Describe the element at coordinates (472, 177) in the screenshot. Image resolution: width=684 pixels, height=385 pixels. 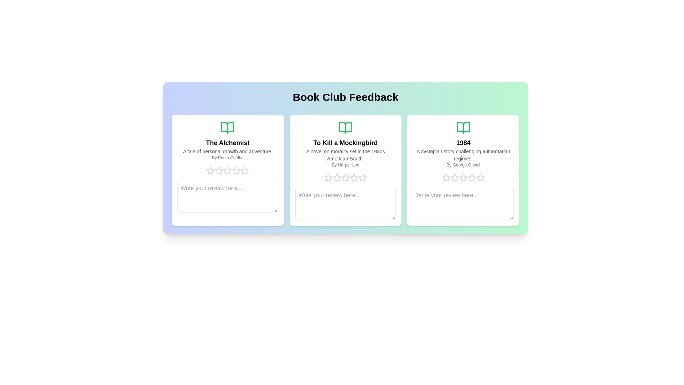
I see `the fourth star icon in the rating system for the '1984' section` at that location.